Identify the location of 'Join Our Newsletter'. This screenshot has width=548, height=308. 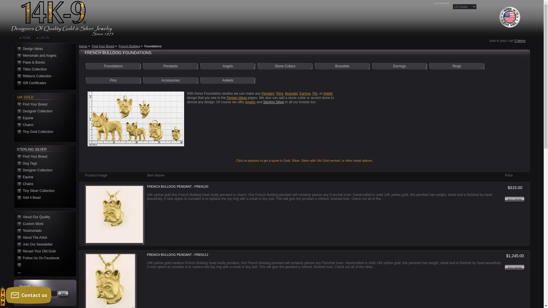
(16, 244).